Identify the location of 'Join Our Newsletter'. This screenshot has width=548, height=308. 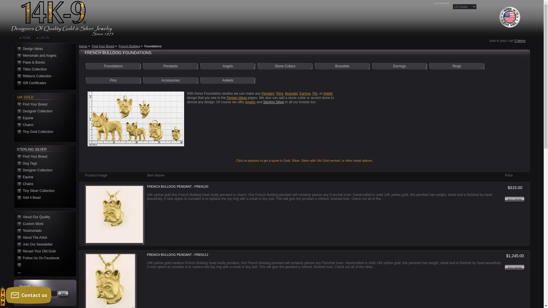
(16, 244).